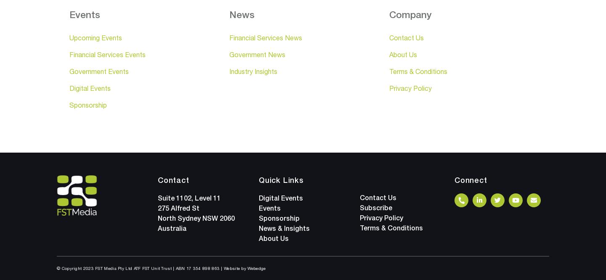  I want to click on 'Australia', so click(171, 228).